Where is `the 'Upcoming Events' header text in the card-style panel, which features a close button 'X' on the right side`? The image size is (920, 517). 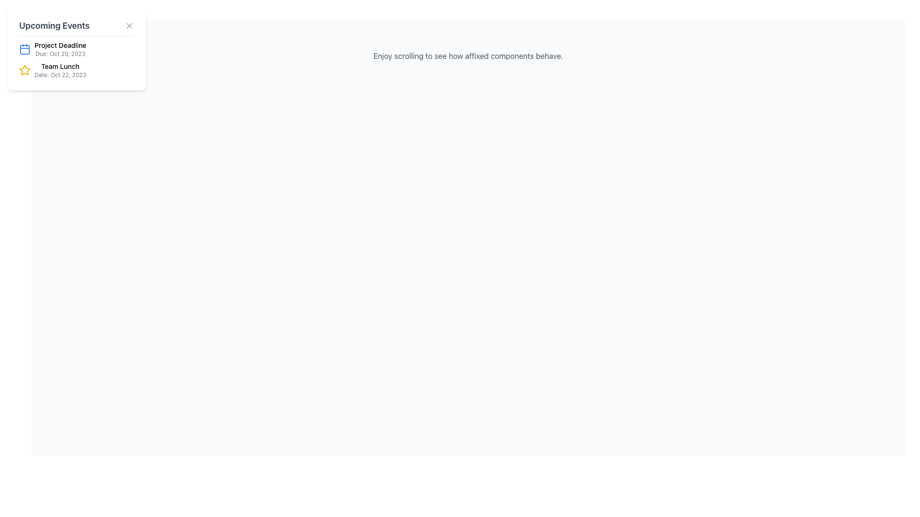 the 'Upcoming Events' header text in the card-style panel, which features a close button 'X' on the right side is located at coordinates (76, 27).